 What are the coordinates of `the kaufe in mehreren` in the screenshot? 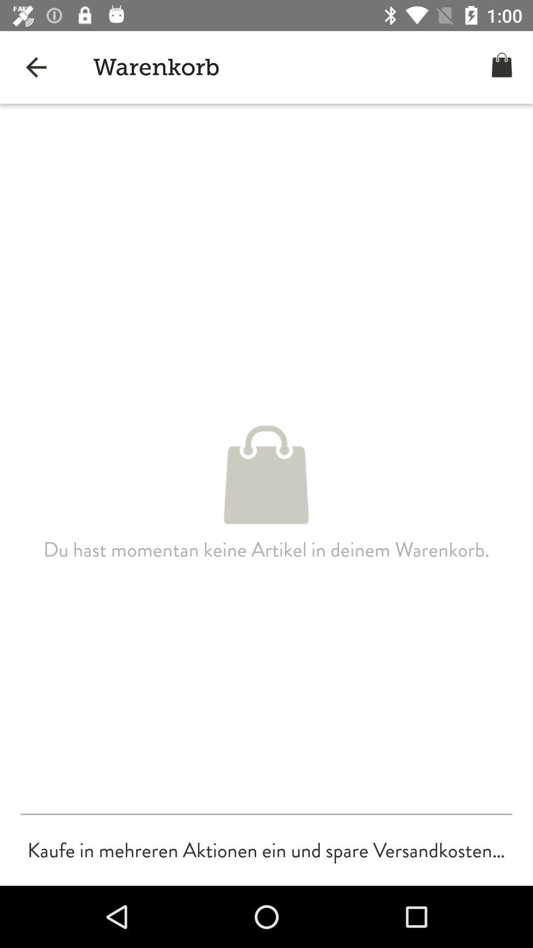 It's located at (266, 850).